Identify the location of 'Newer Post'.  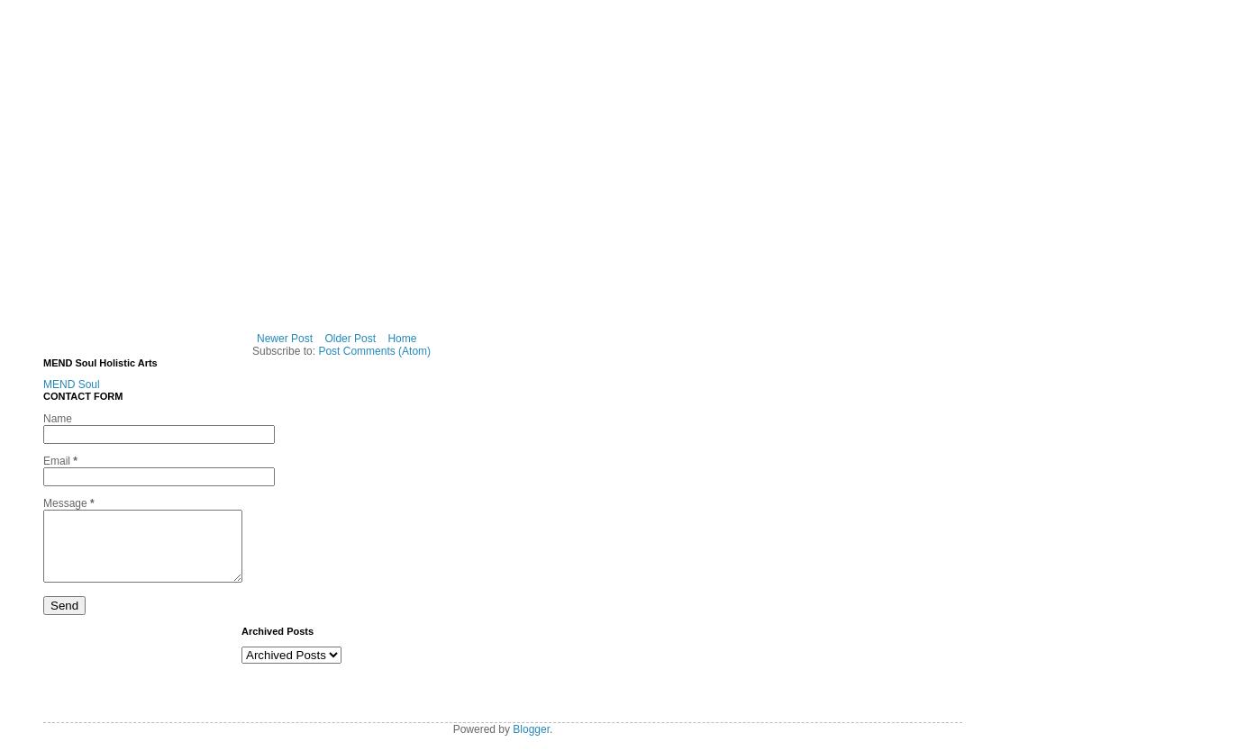
(255, 336).